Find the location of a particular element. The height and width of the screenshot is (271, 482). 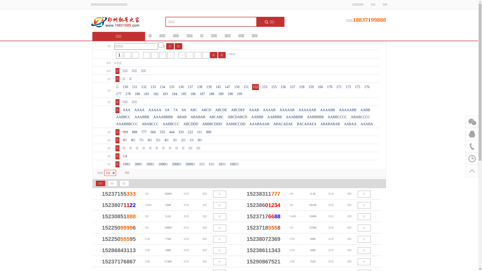

'199' is located at coordinates (236, 94).